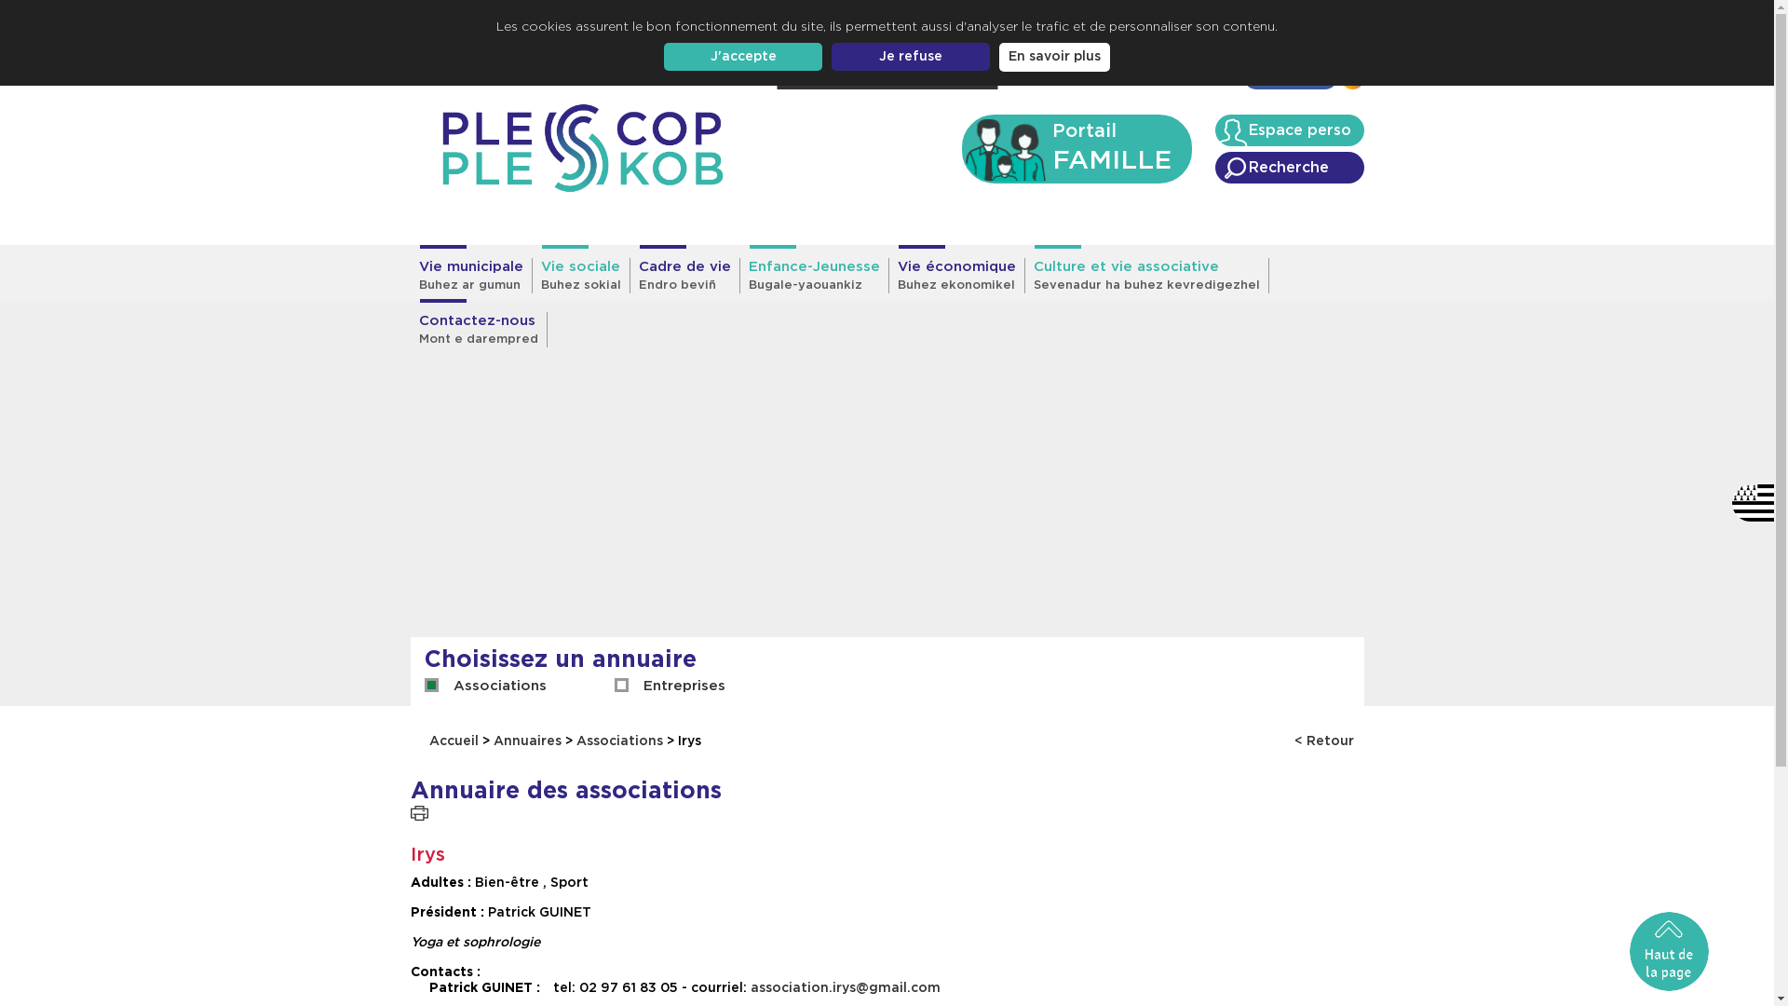  What do you see at coordinates (1065, 77) in the screenshot?
I see `'Accueil'` at bounding box center [1065, 77].